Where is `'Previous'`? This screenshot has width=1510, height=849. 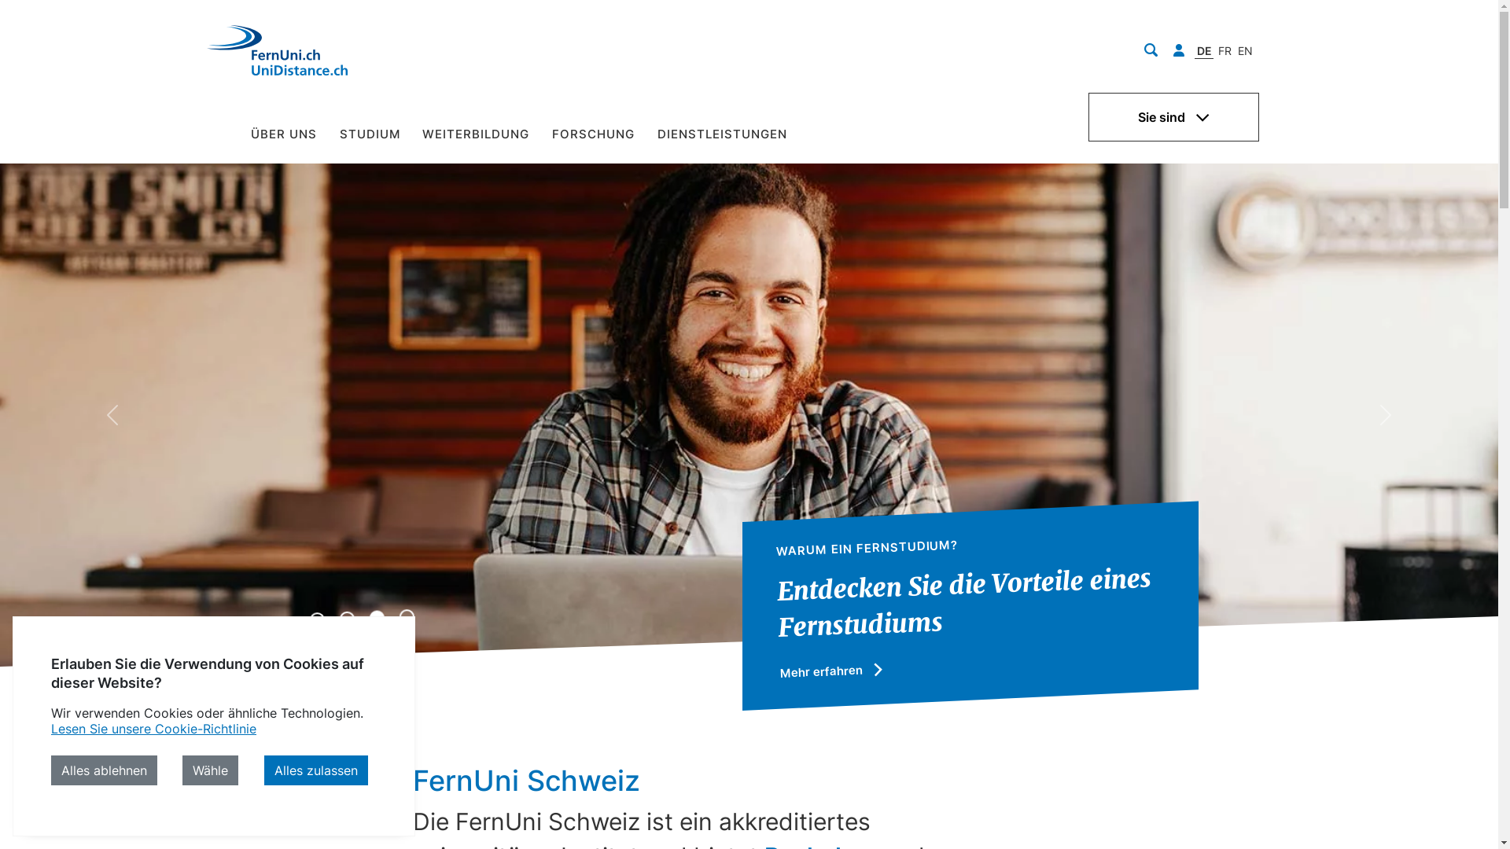
'Previous' is located at coordinates (112, 414).